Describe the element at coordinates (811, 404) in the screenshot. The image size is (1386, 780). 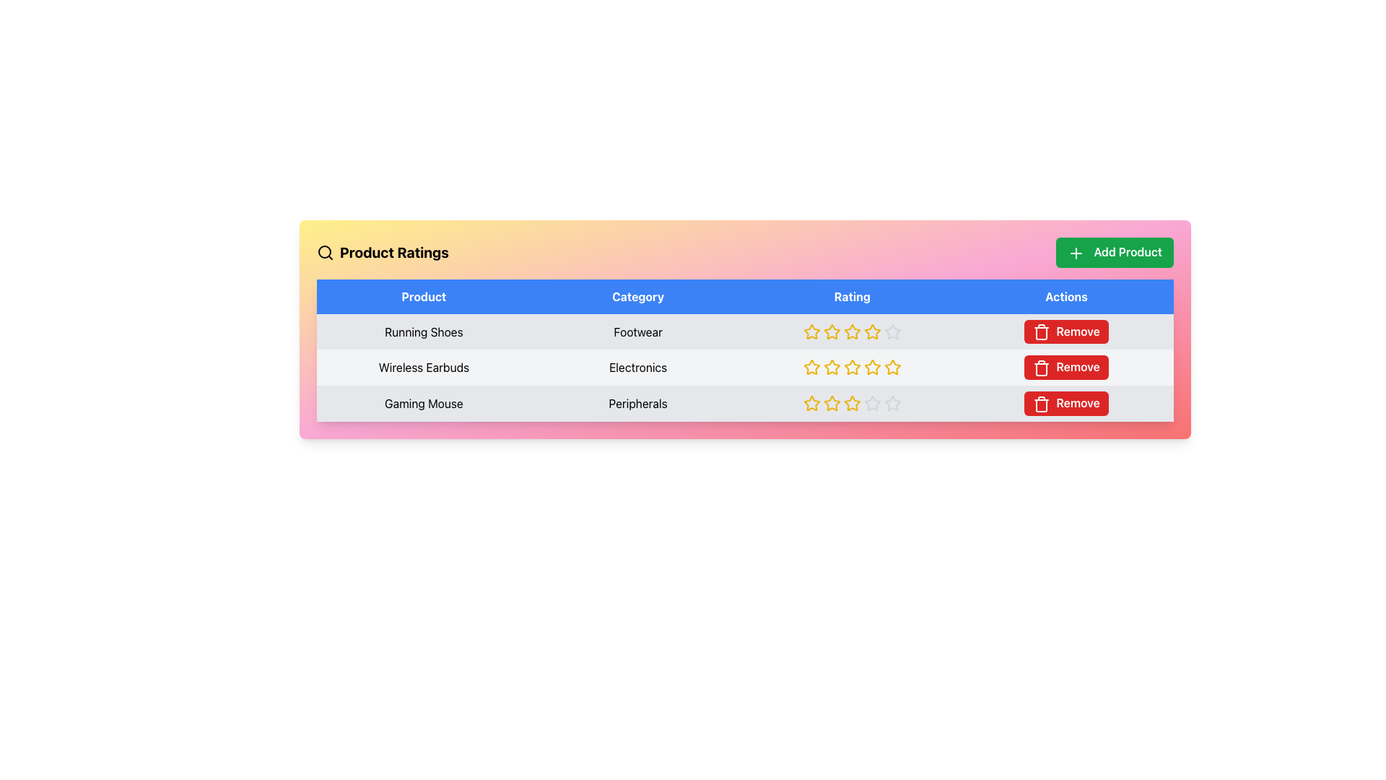
I see `the second yellow star icon in the rating column associated with the 'Gaming Mouse' product` at that location.